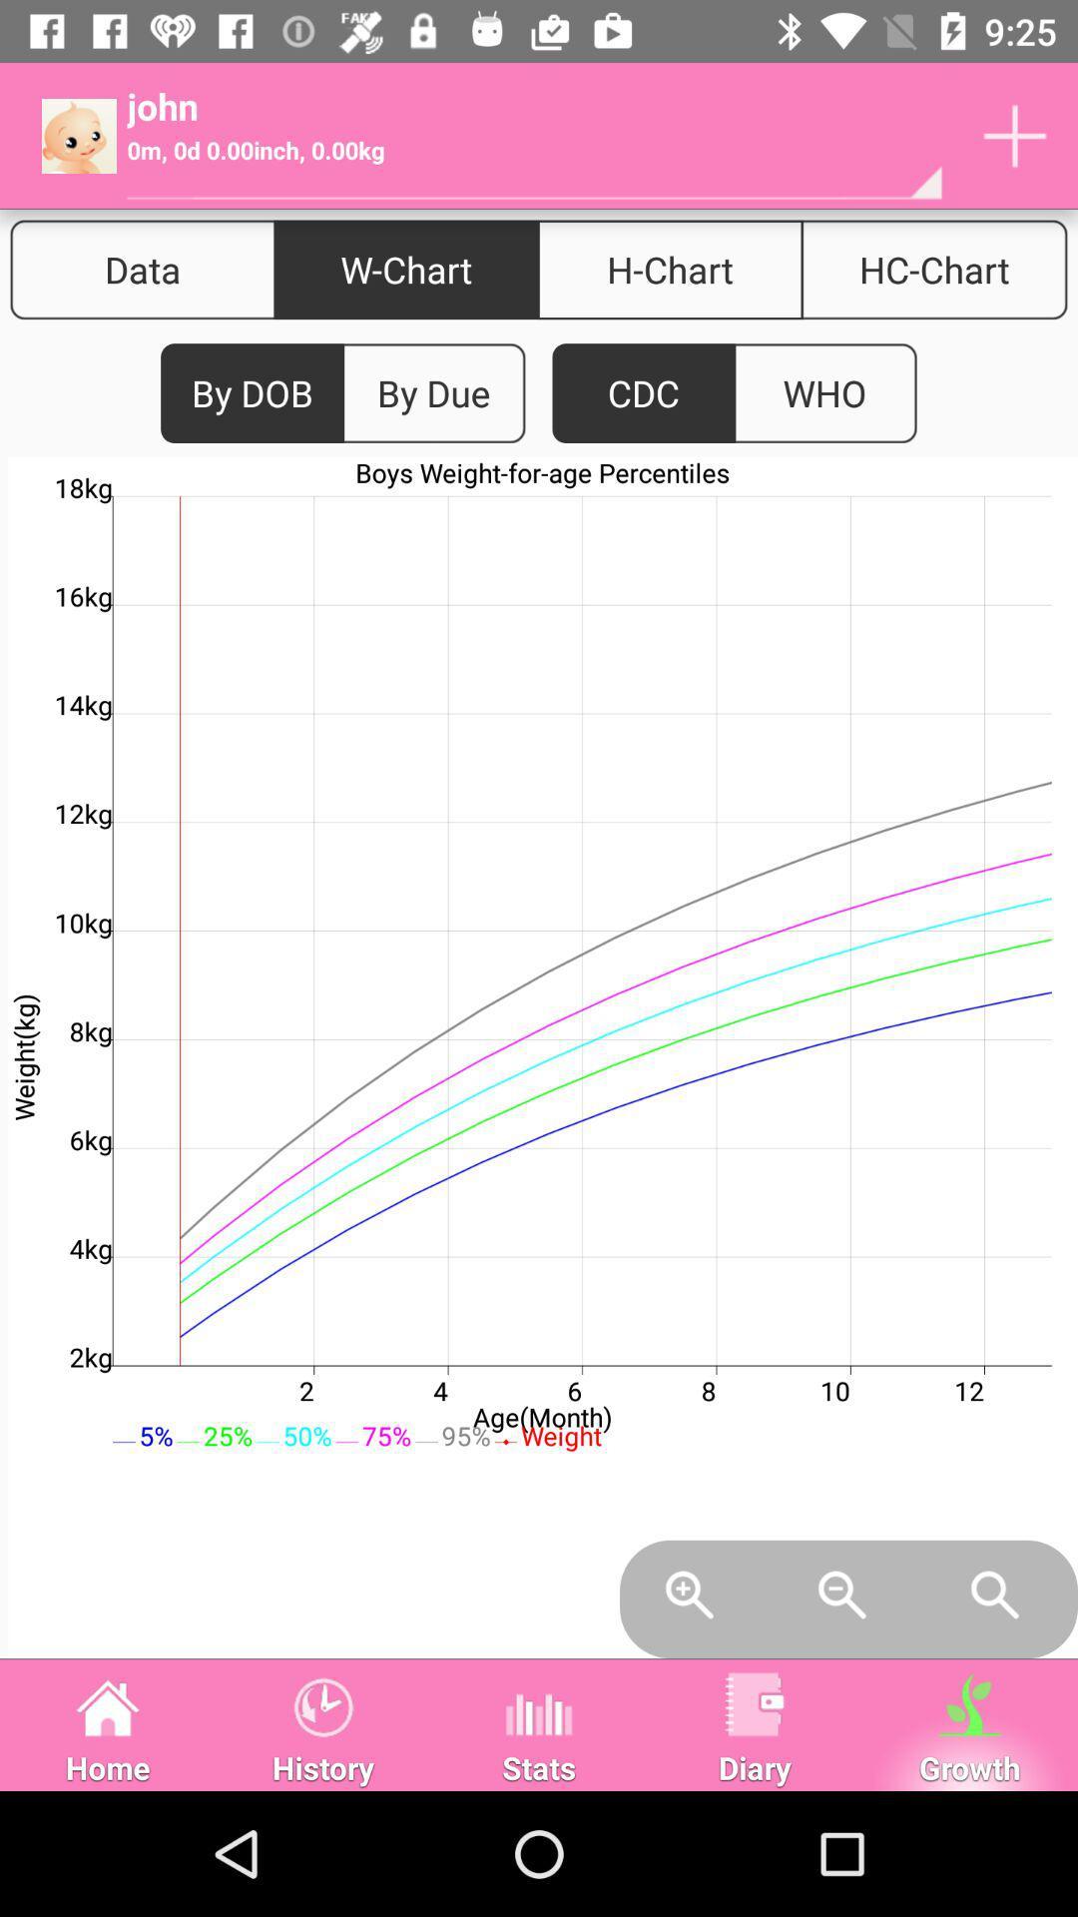 This screenshot has height=1917, width=1078. What do you see at coordinates (142, 269) in the screenshot?
I see `the icon next to w-chart` at bounding box center [142, 269].